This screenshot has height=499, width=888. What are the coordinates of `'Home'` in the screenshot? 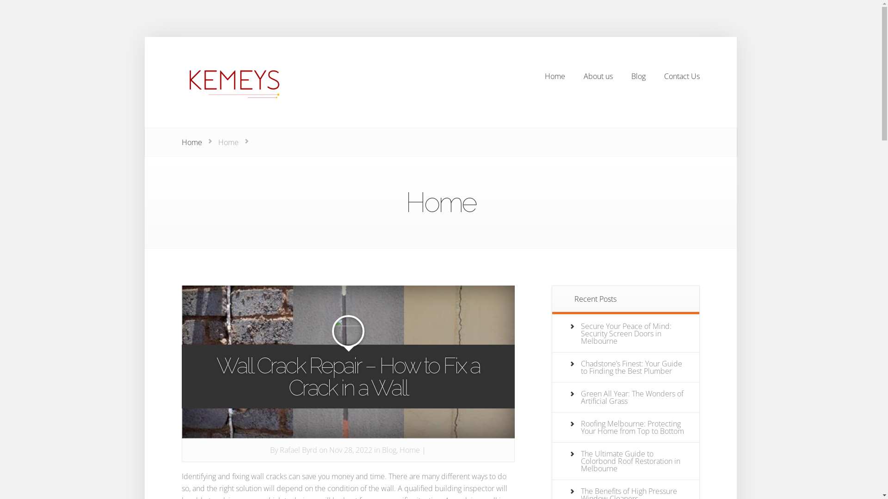 It's located at (555, 76).